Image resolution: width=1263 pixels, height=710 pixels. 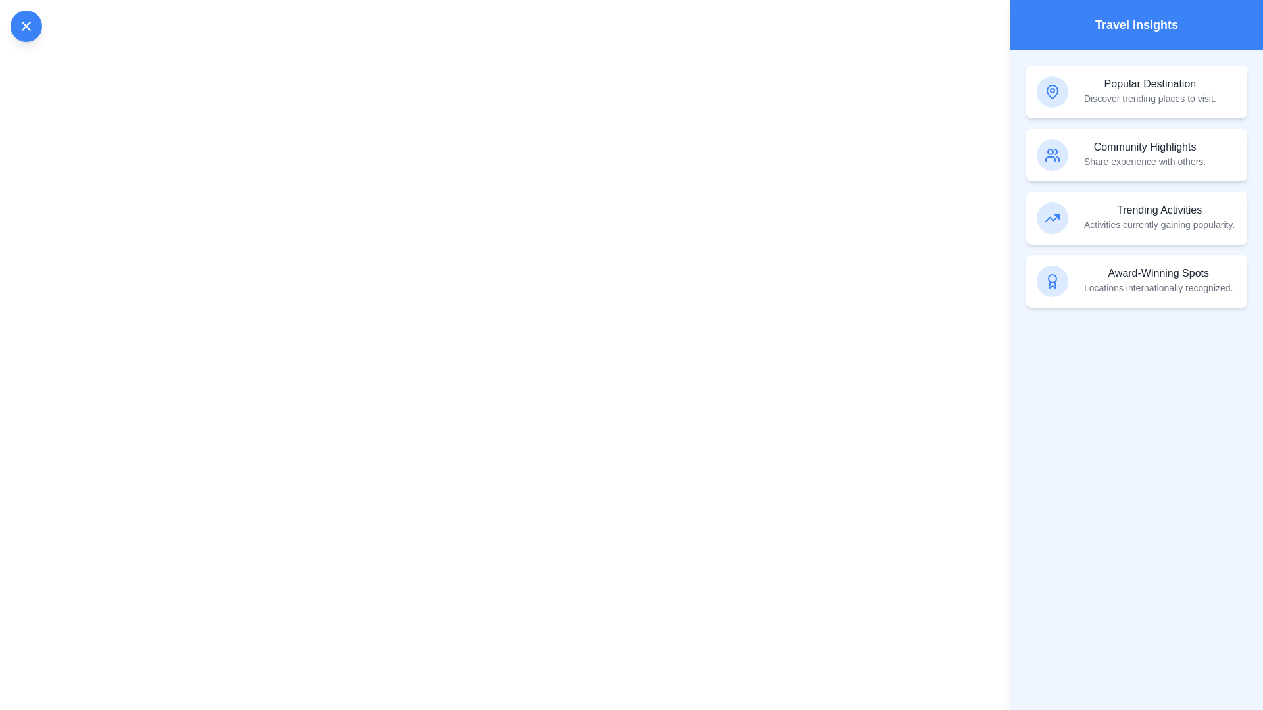 What do you see at coordinates (1136, 154) in the screenshot?
I see `the insight item labeled 'Community Highlights' to observe its hover effect` at bounding box center [1136, 154].